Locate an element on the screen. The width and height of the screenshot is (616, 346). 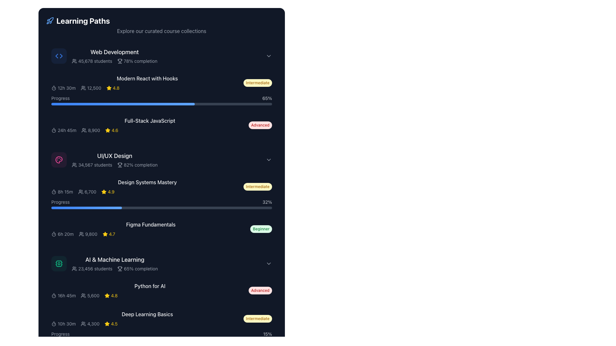
the user icon, which features a modern outline style depicting a group of three abstracted people, located to the left of the '45,678 students' text in the 'Web Development' section is located at coordinates (74, 61).